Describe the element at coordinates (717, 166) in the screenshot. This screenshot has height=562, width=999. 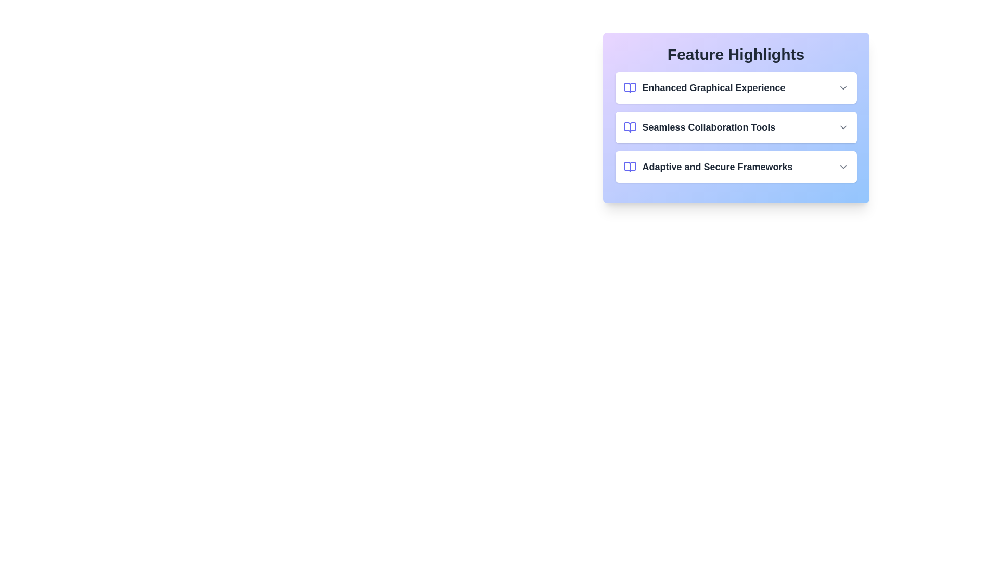
I see `the text element displaying 'Adaptive and Secure Frameworks'` at that location.